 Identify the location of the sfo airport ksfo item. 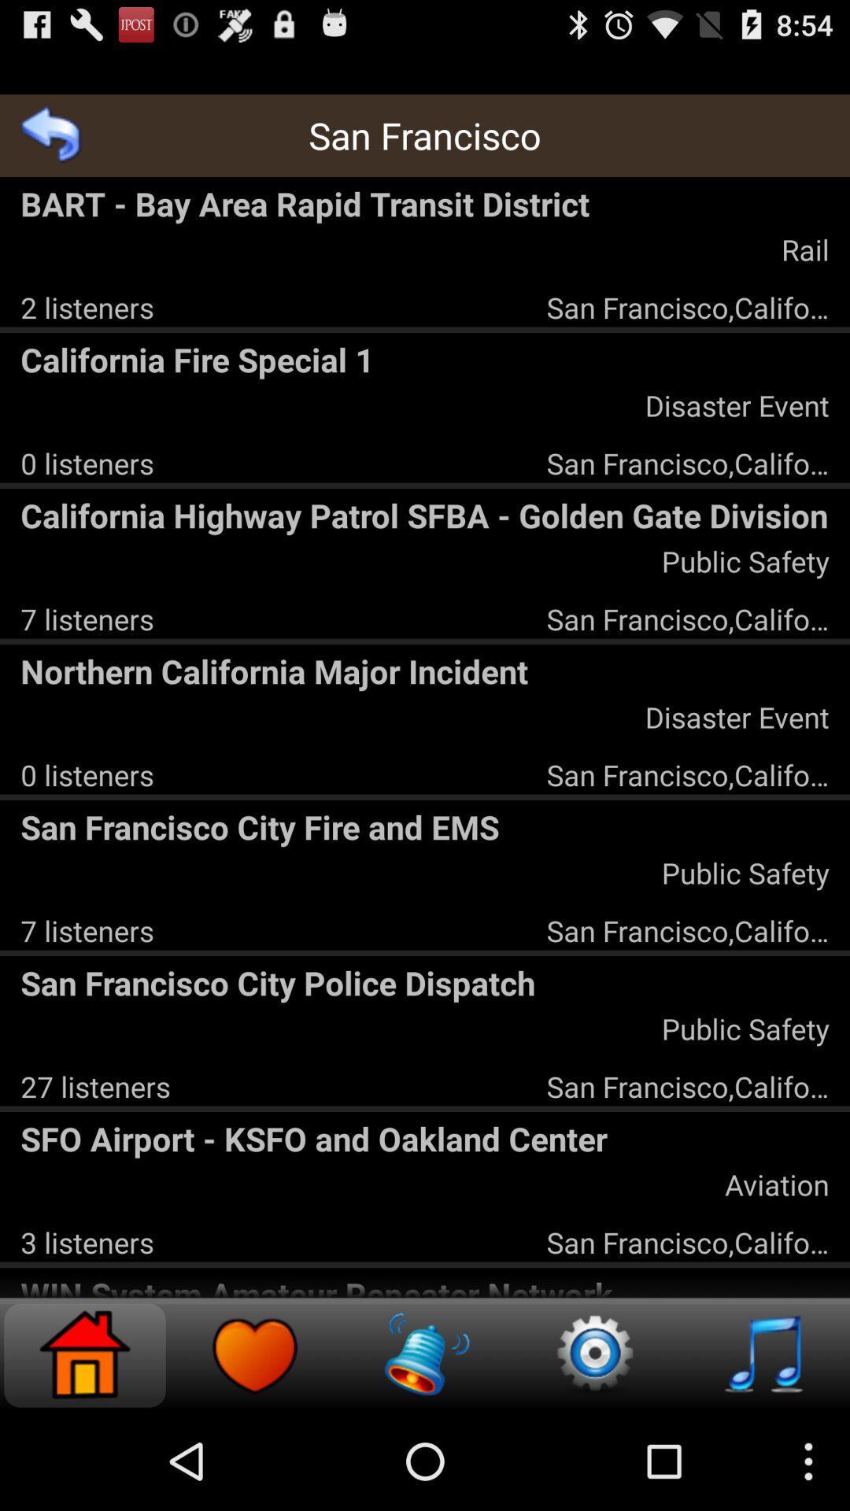
(425, 1138).